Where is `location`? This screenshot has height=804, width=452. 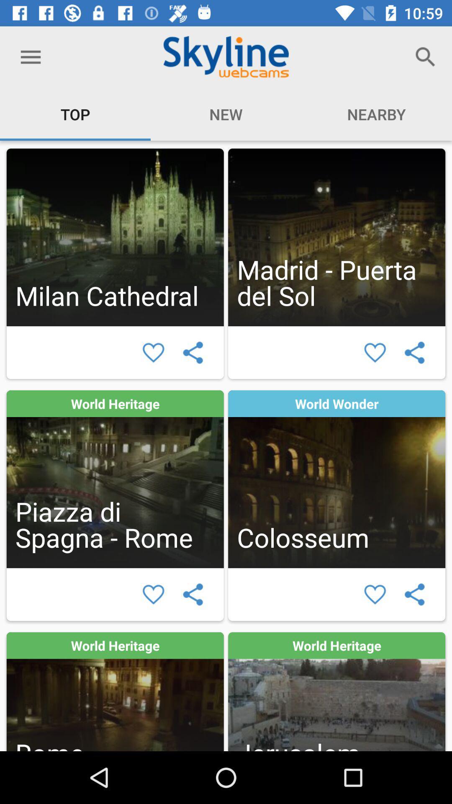
location is located at coordinates (336, 479).